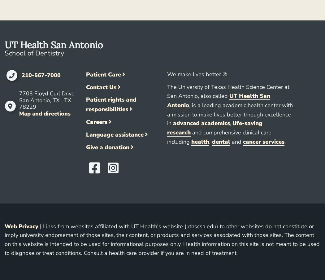 This screenshot has width=325, height=280. What do you see at coordinates (167, 128) in the screenshot?
I see `'life-saving research'` at bounding box center [167, 128].